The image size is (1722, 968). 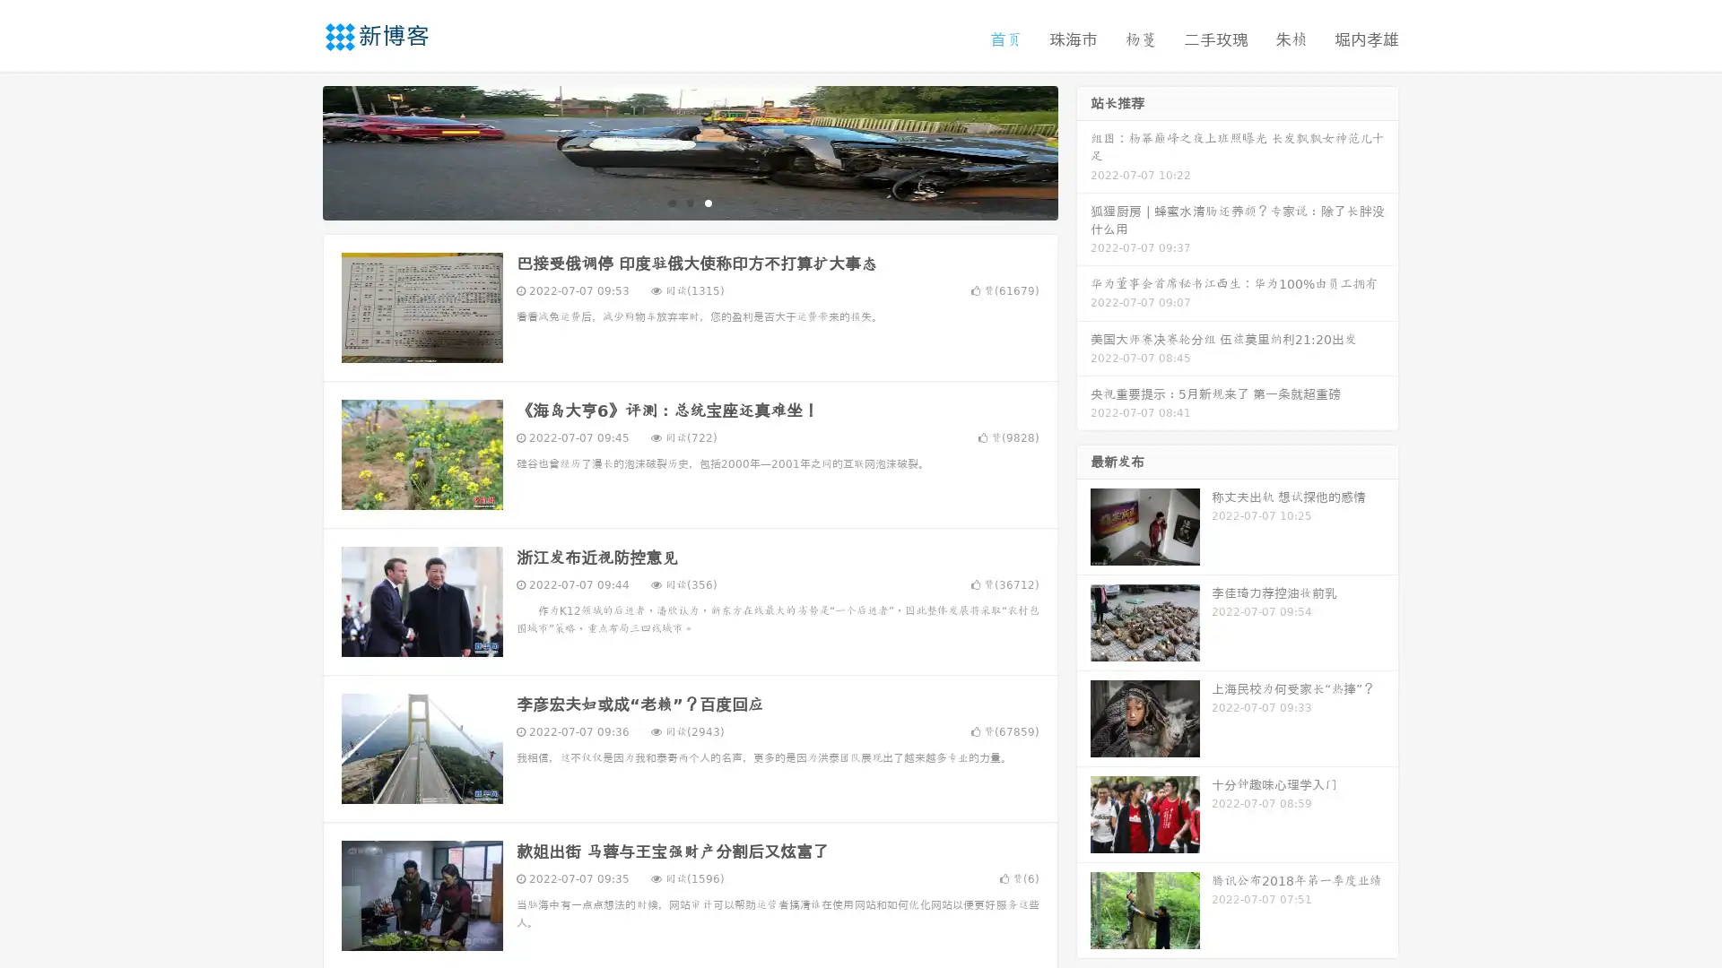 What do you see at coordinates (296, 151) in the screenshot?
I see `Previous slide` at bounding box center [296, 151].